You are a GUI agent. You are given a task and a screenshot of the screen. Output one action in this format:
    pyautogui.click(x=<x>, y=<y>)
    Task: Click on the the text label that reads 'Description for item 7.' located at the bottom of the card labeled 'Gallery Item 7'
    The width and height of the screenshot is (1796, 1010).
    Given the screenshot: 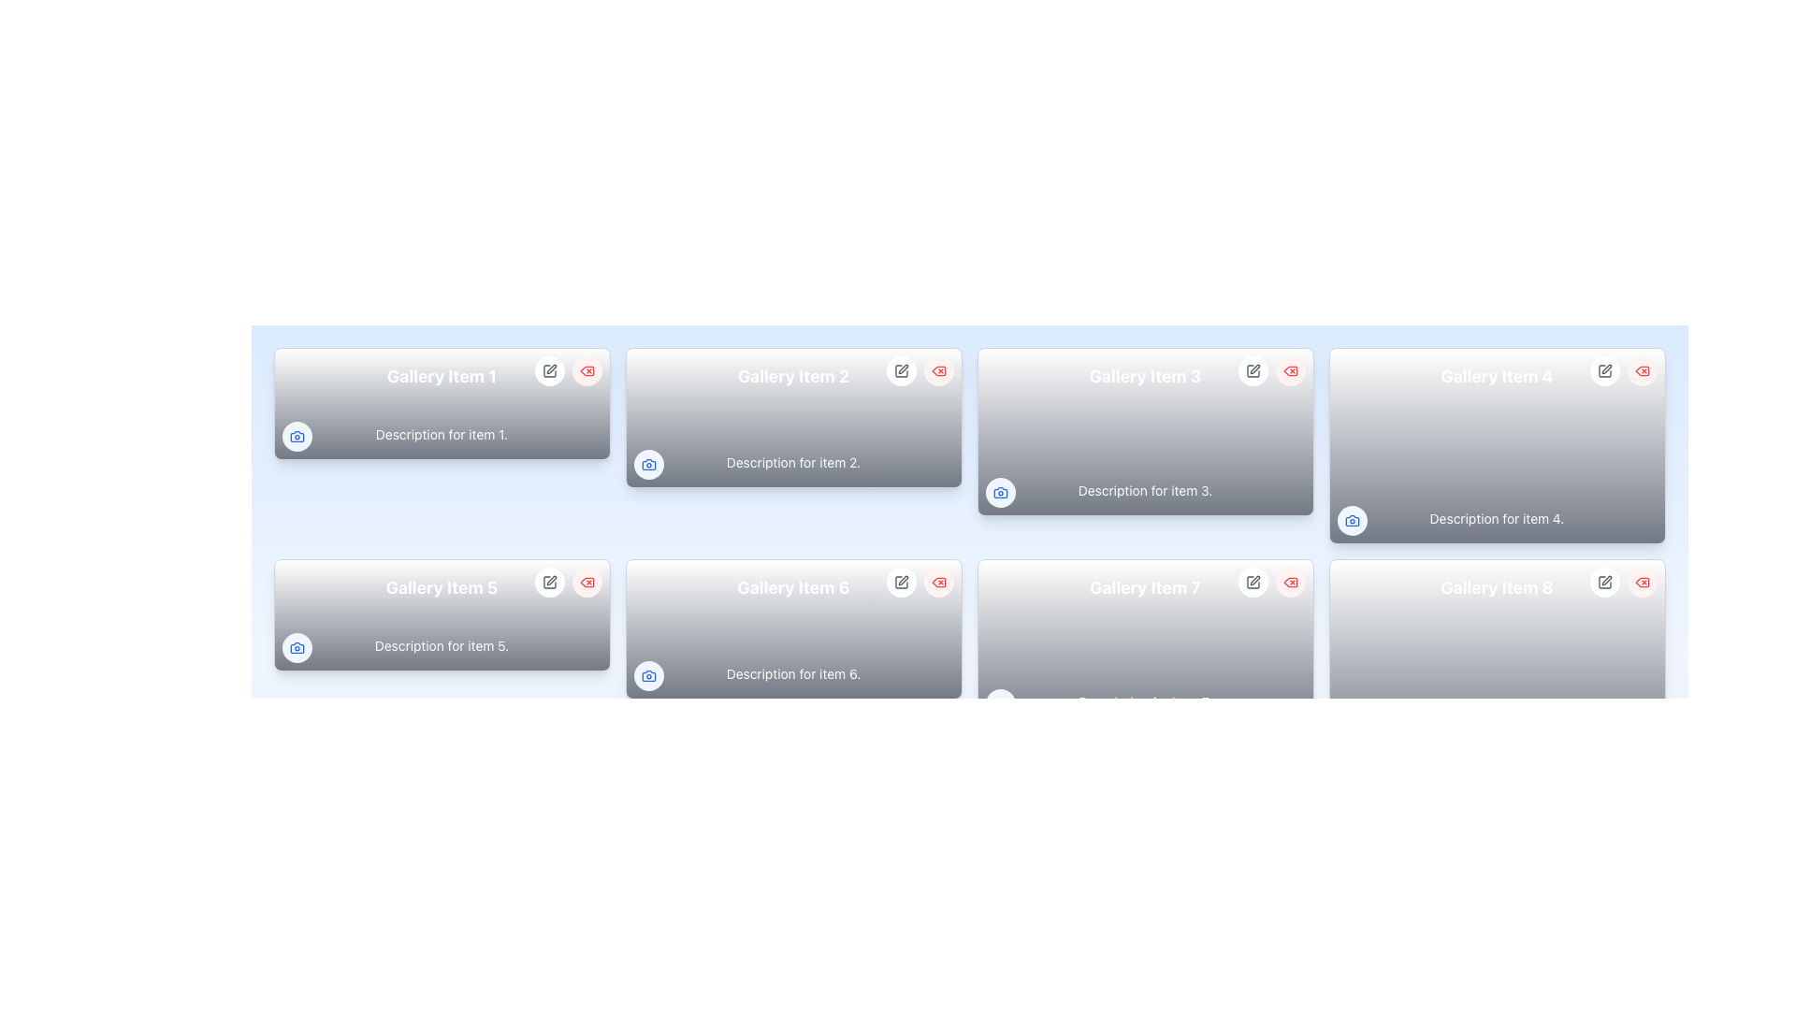 What is the action you would take?
    pyautogui.click(x=1144, y=702)
    